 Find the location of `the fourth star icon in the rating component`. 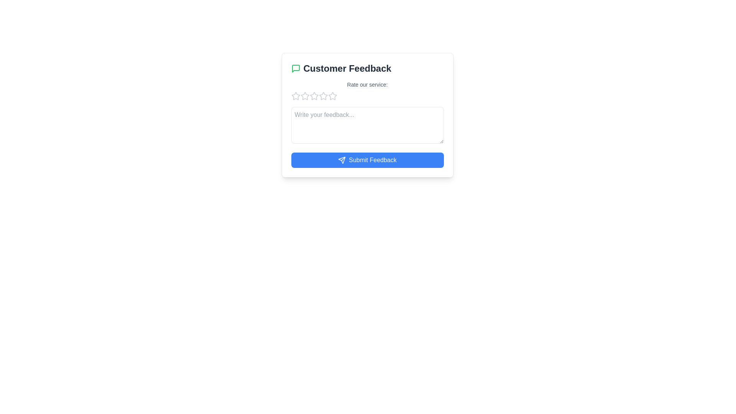

the fourth star icon in the rating component is located at coordinates (314, 95).